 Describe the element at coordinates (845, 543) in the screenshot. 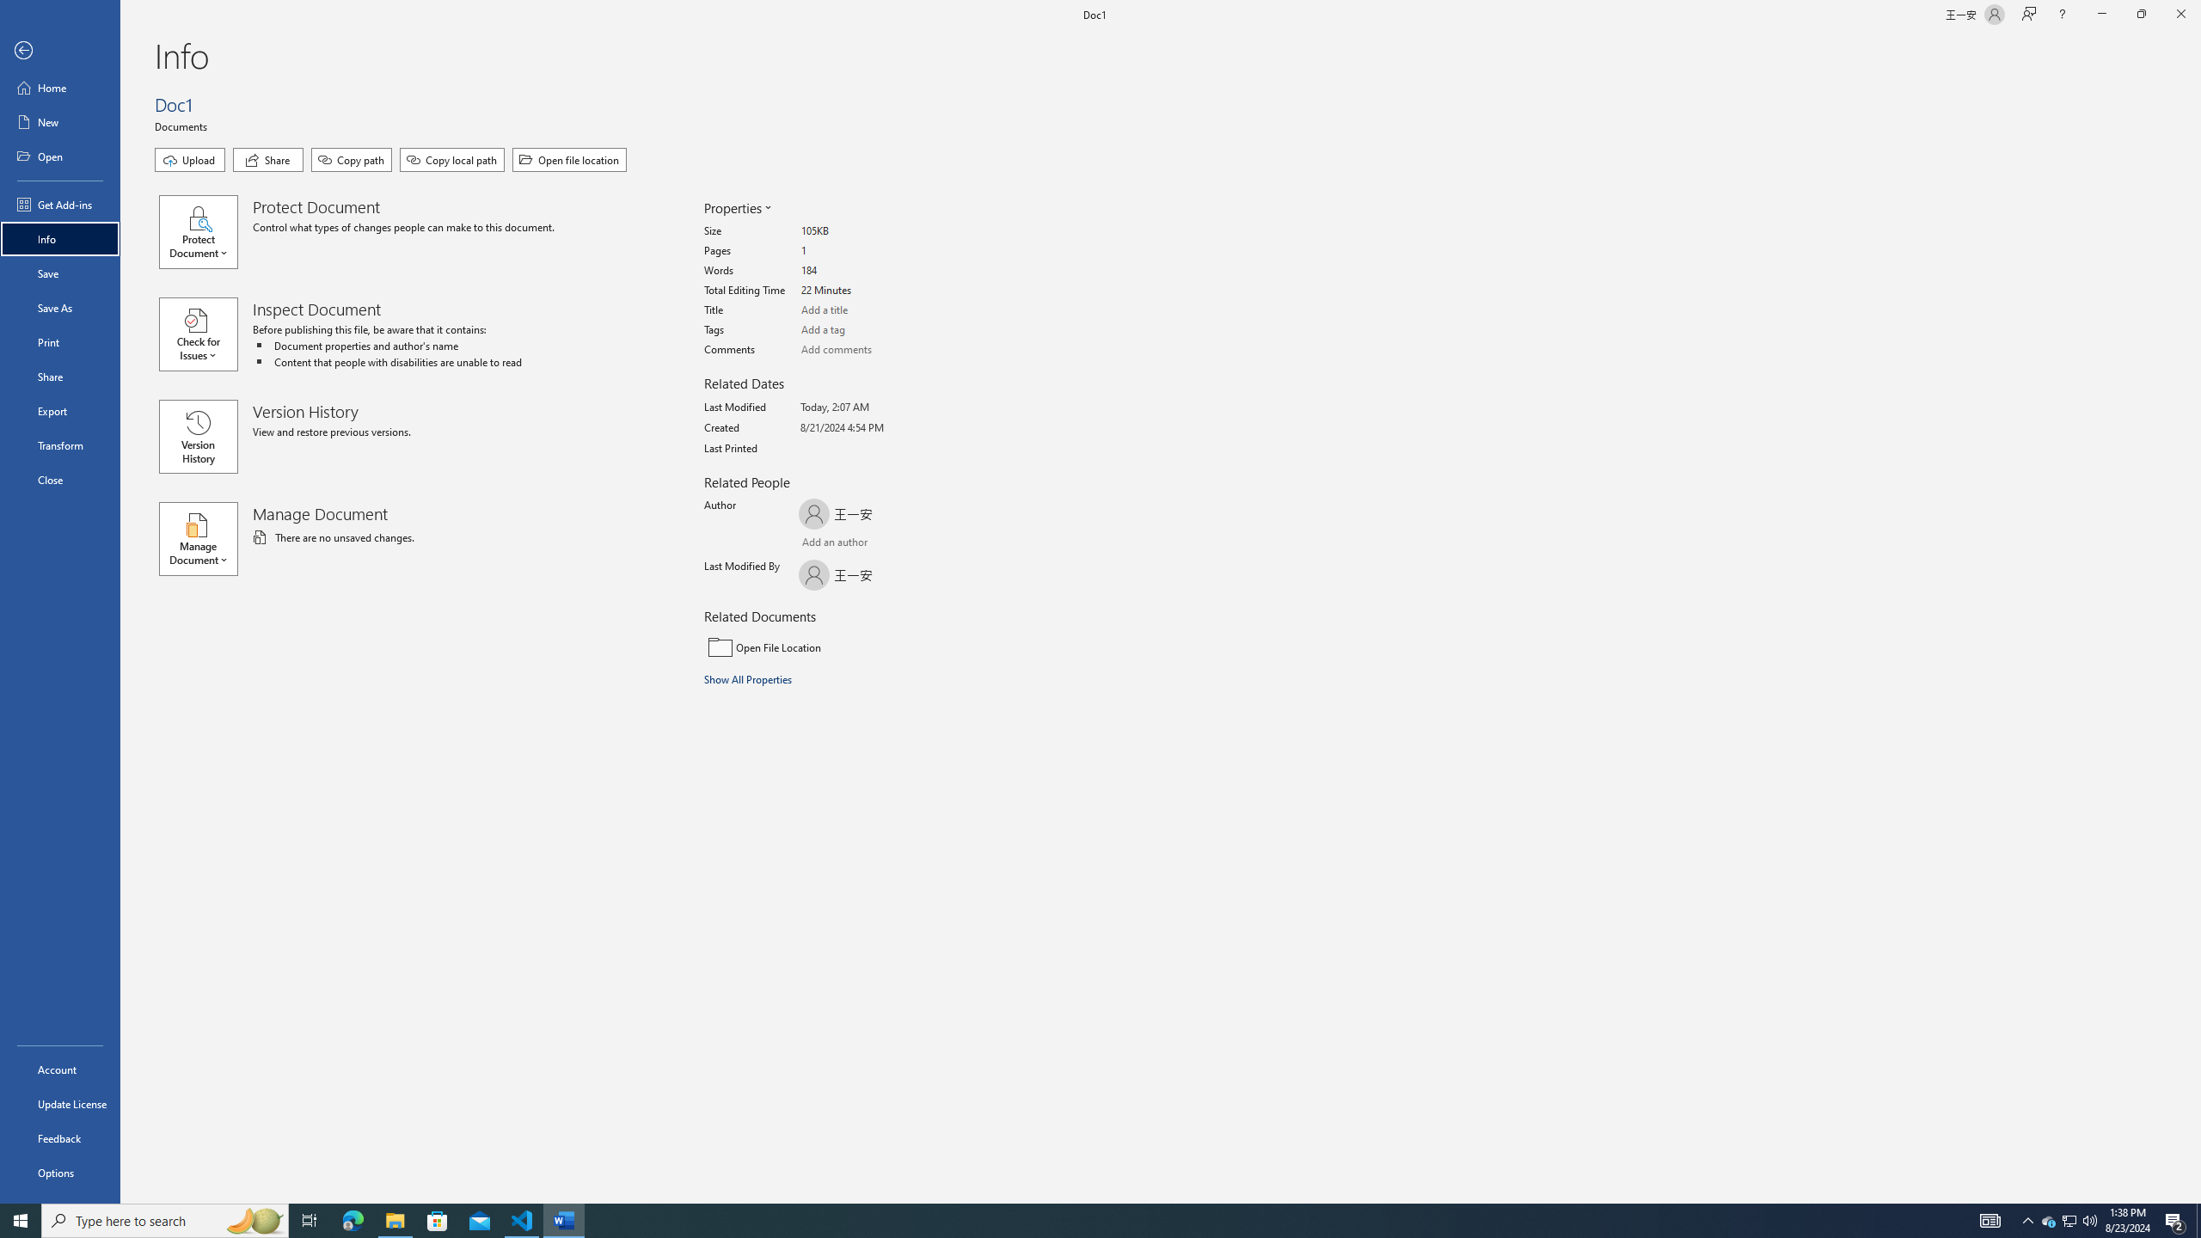

I see `'Verify Names'` at that location.